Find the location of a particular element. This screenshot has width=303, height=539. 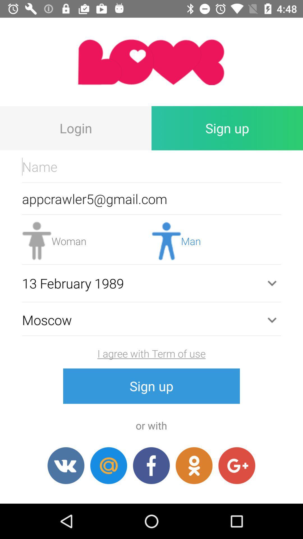

sign in with vk is located at coordinates (66, 465).